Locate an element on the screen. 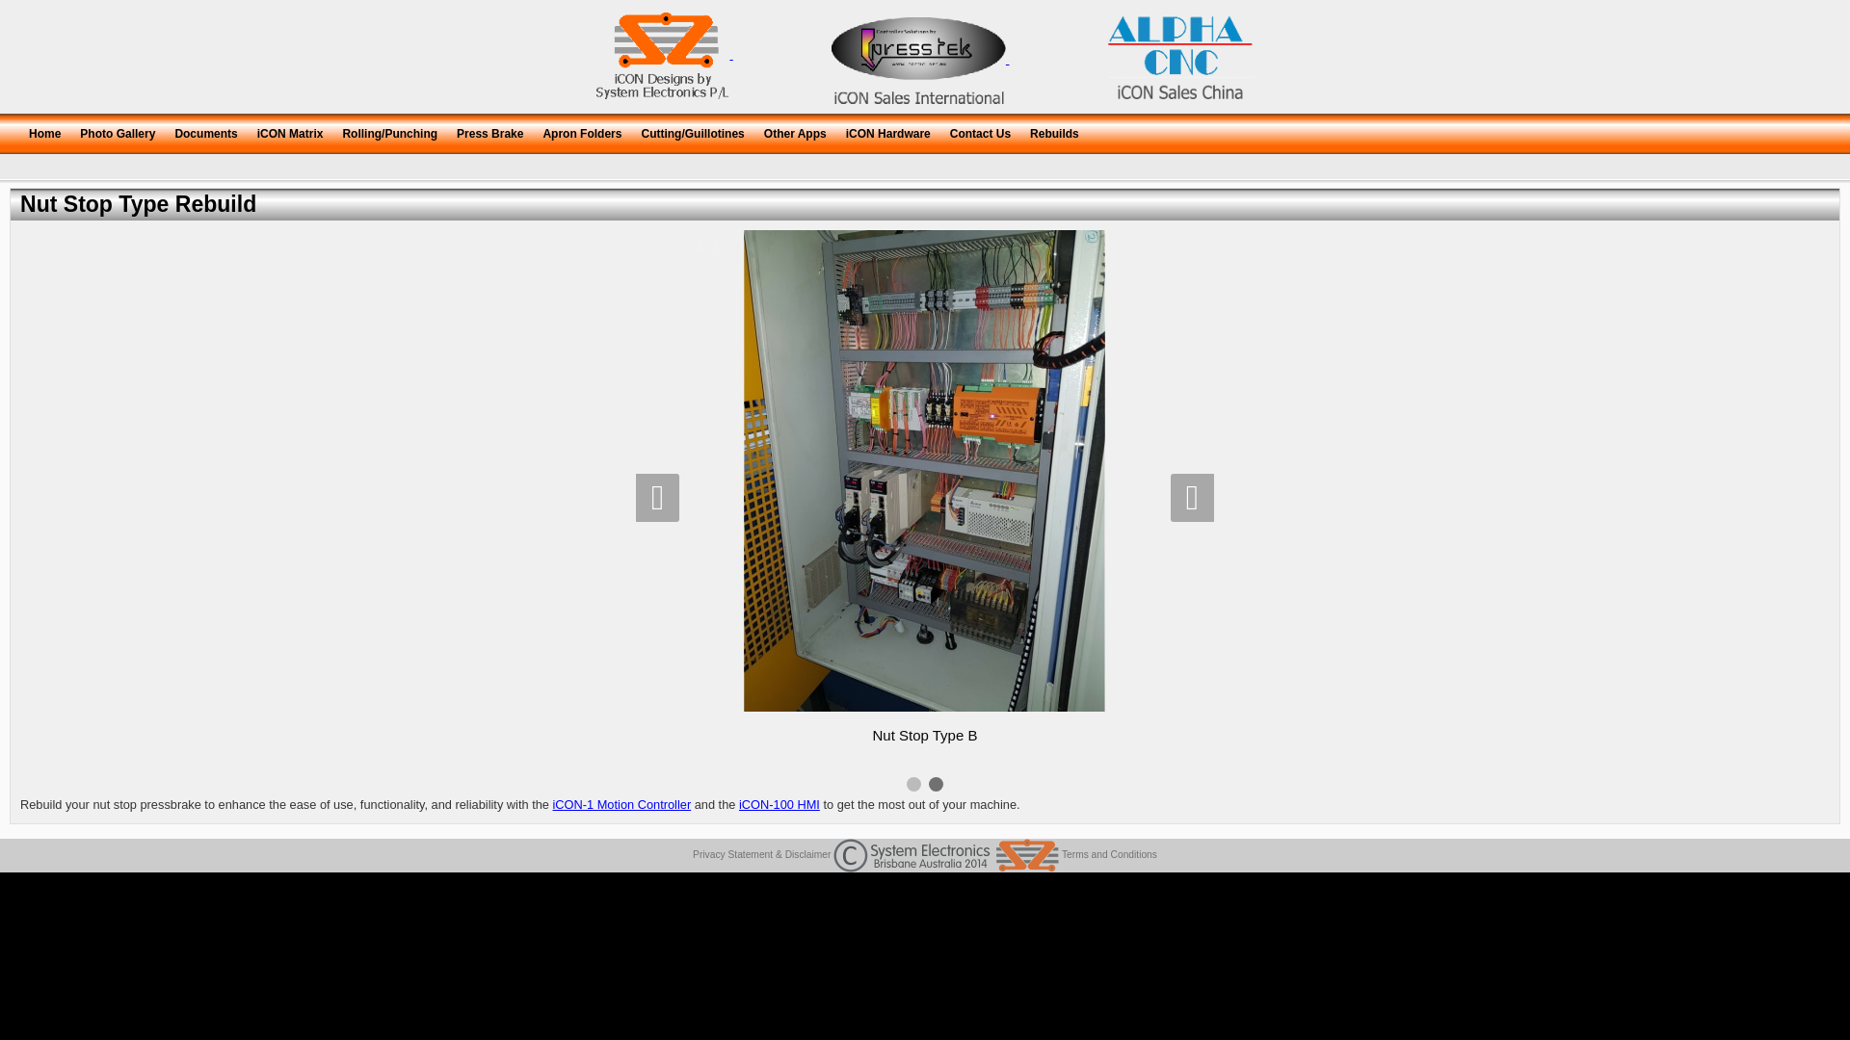 This screenshot has width=1850, height=1040. 'AlphaCNC Home' is located at coordinates (1108, 54).